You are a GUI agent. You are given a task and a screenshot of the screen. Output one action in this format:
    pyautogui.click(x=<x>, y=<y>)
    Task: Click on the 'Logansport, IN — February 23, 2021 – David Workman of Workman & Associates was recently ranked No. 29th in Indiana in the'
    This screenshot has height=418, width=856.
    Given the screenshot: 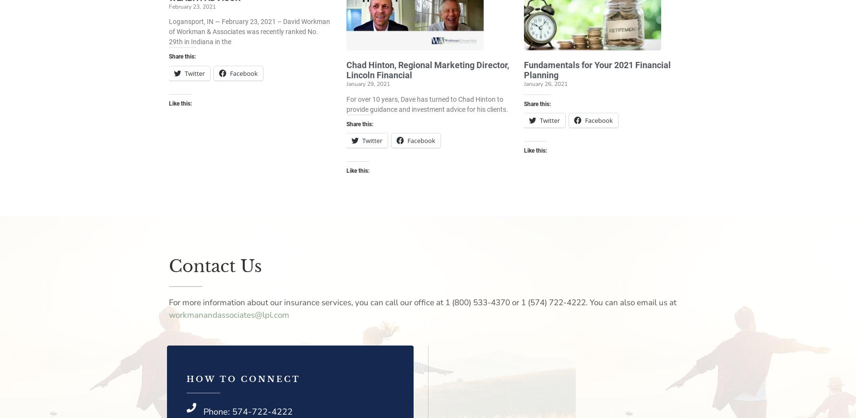 What is the action you would take?
    pyautogui.click(x=250, y=31)
    